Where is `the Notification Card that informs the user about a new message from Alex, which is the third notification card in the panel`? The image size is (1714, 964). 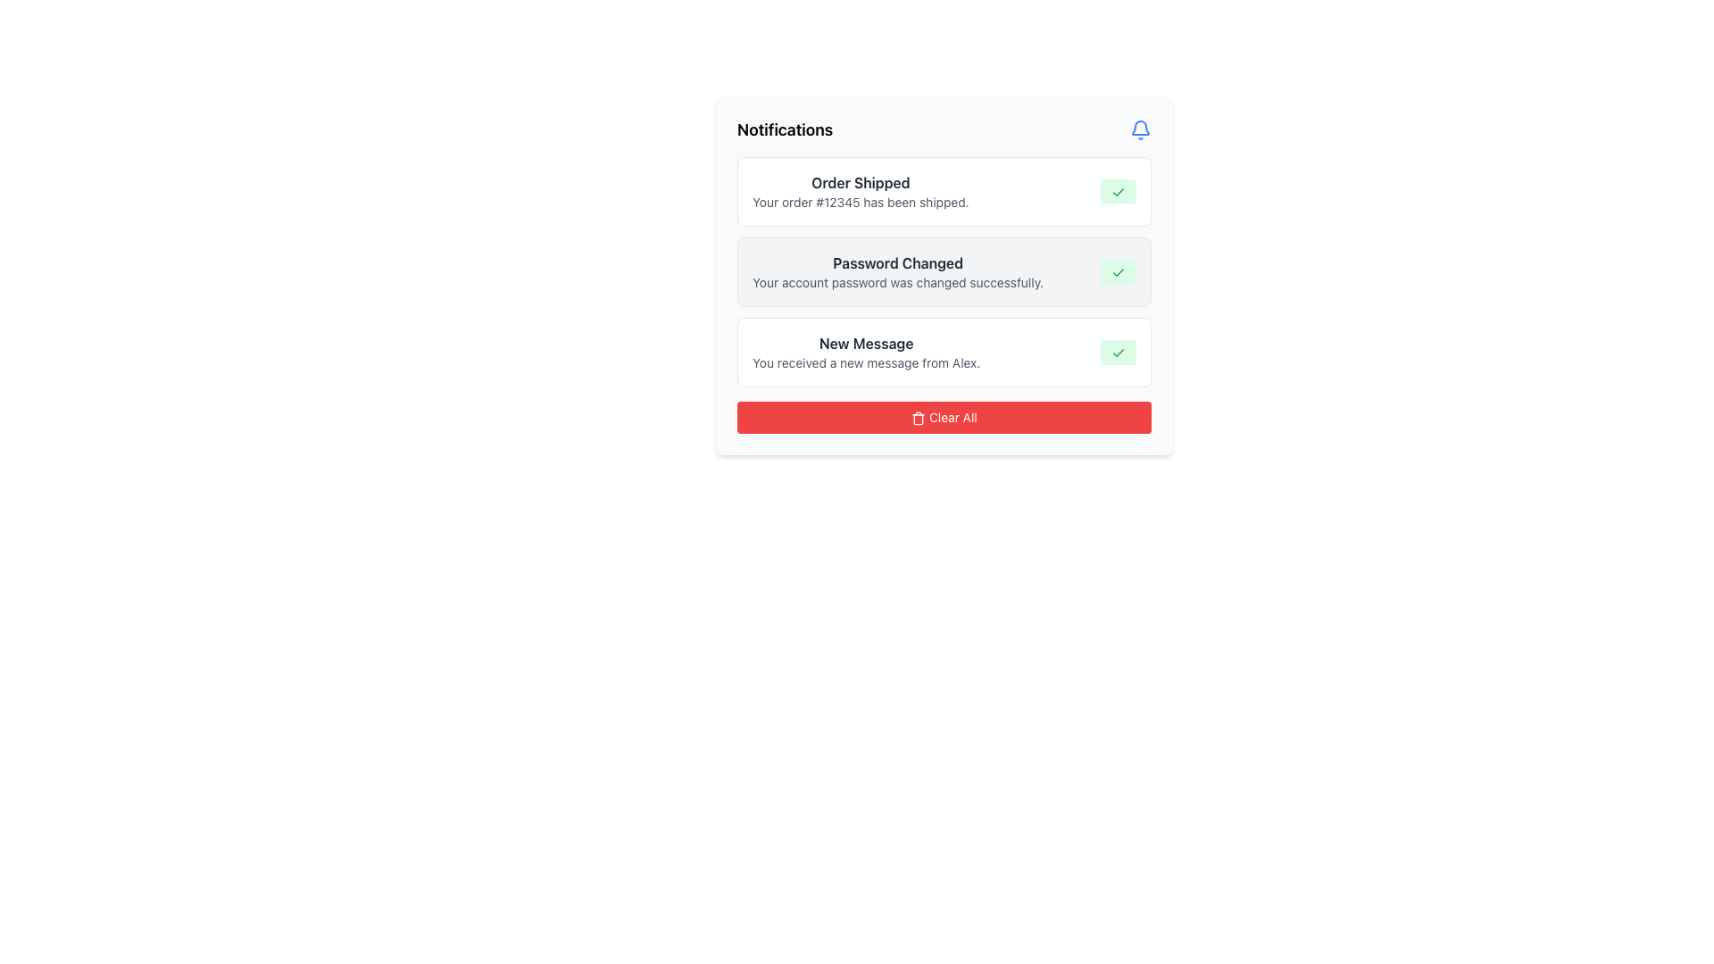 the Notification Card that informs the user about a new message from Alex, which is the third notification card in the panel is located at coordinates (943, 352).